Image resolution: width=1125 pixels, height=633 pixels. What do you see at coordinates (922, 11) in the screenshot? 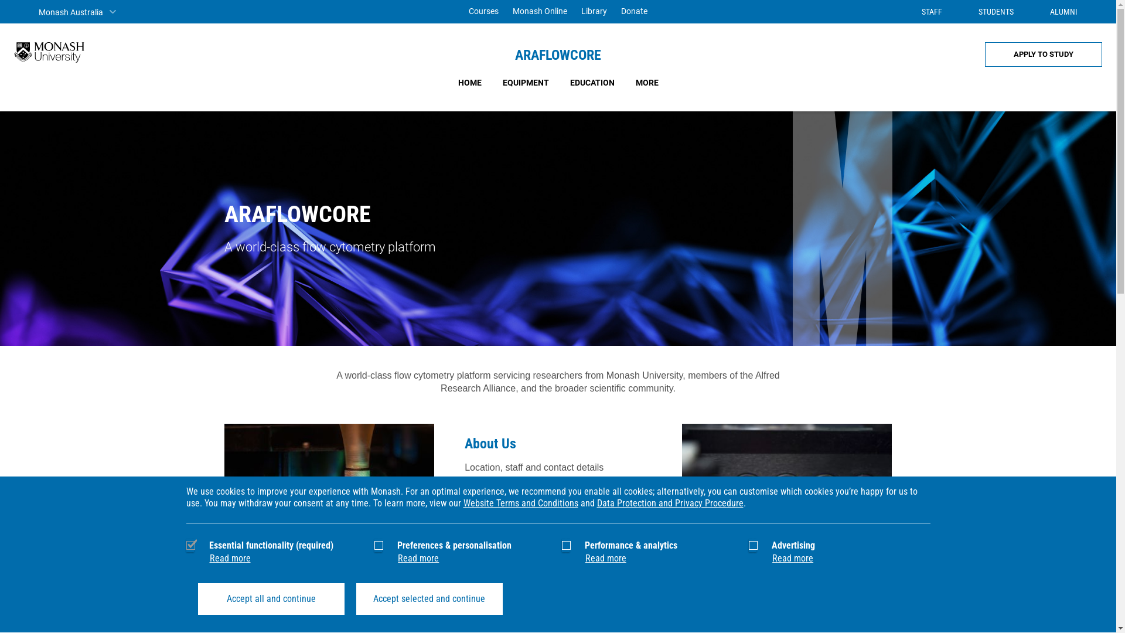
I see `'STAFF'` at bounding box center [922, 11].